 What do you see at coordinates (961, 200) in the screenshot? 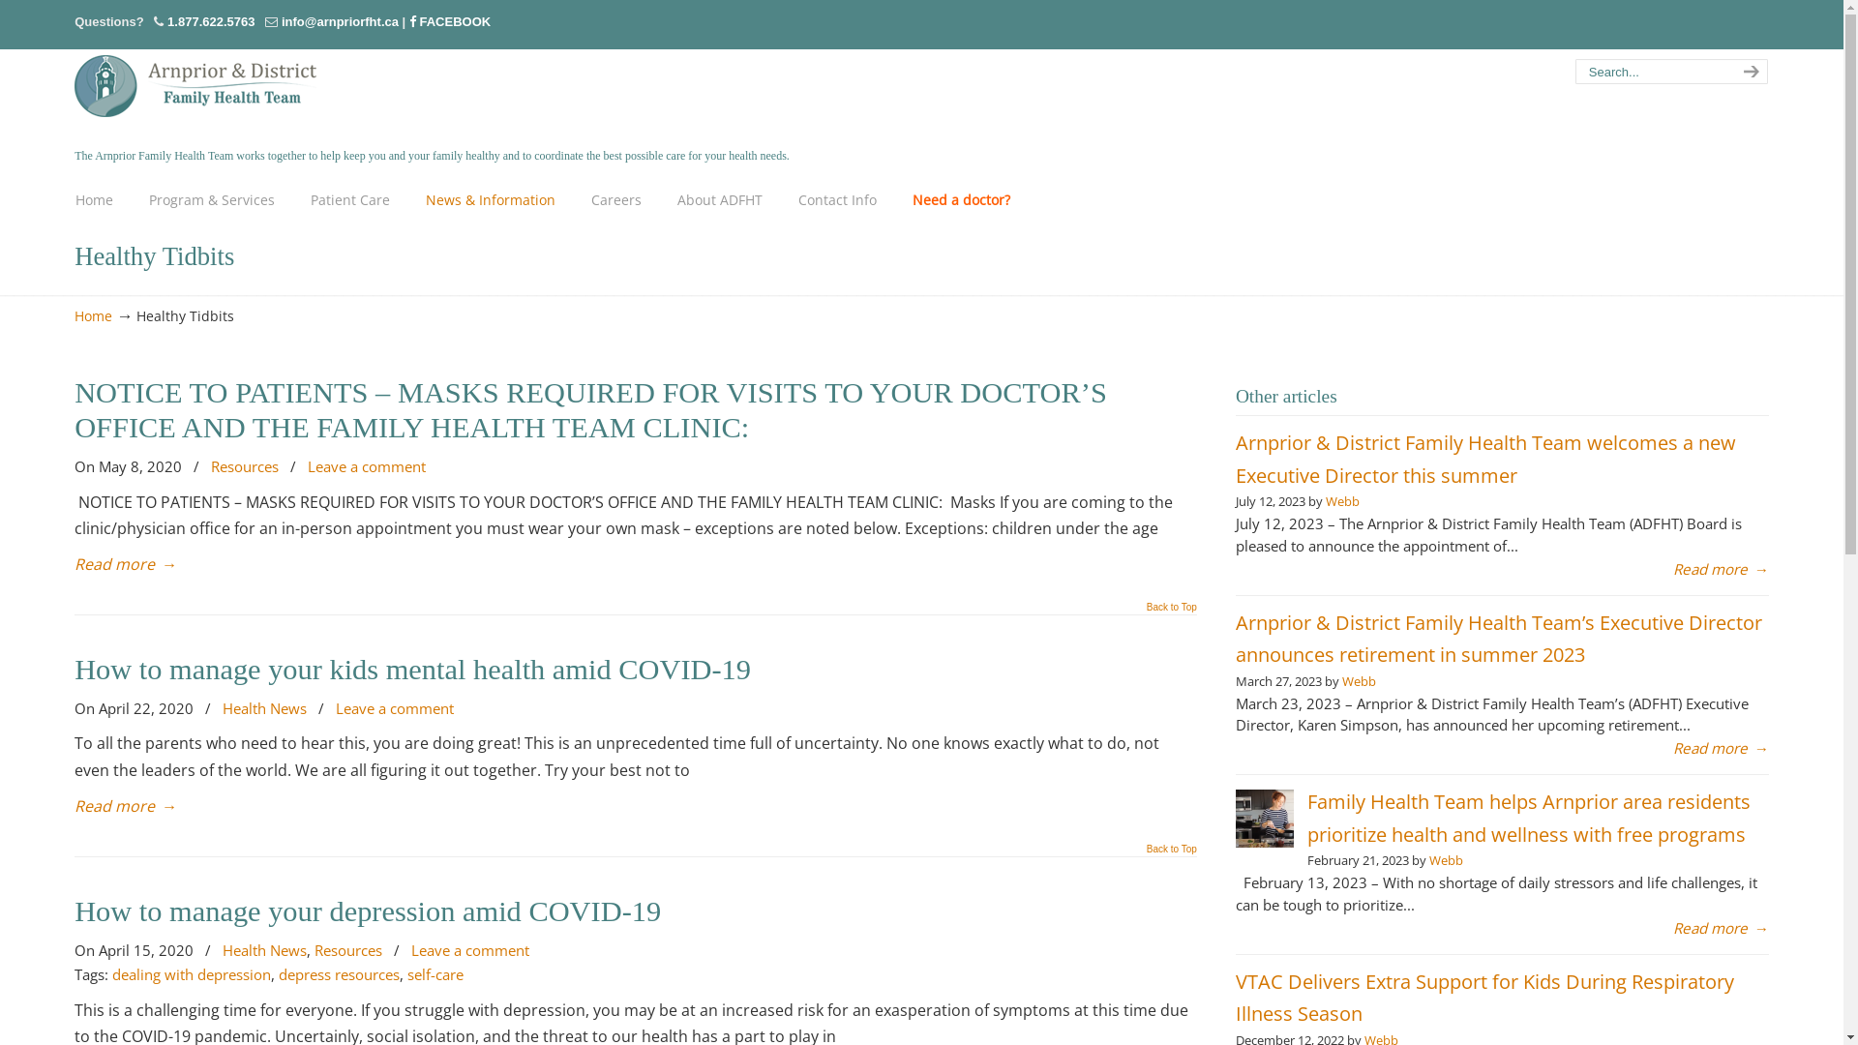
I see `'Need a doctor?'` at bounding box center [961, 200].